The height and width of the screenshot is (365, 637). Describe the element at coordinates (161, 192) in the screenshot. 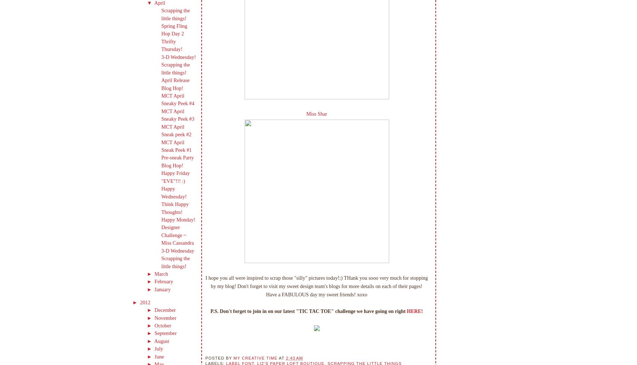

I see `'Happy Wednesday!'` at that location.